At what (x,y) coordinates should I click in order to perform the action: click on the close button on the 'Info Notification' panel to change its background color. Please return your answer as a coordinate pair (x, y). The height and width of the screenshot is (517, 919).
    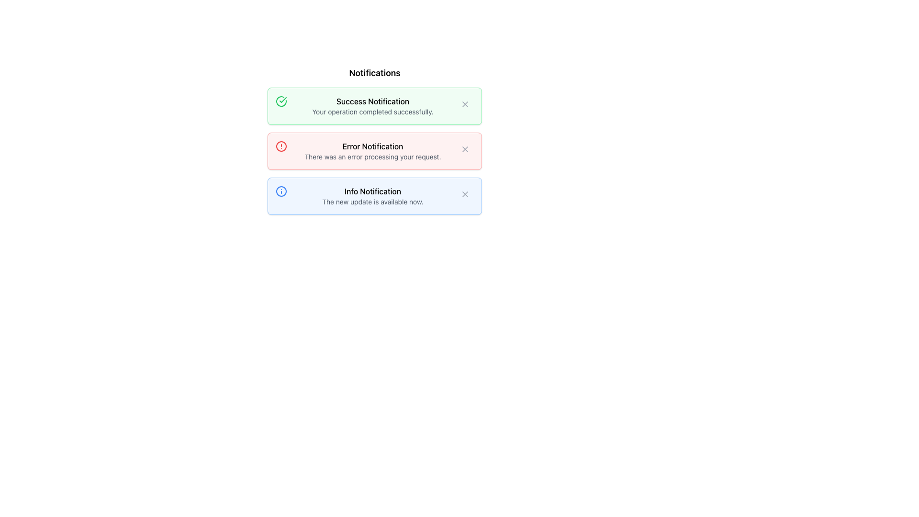
    Looking at the image, I should click on (465, 194).